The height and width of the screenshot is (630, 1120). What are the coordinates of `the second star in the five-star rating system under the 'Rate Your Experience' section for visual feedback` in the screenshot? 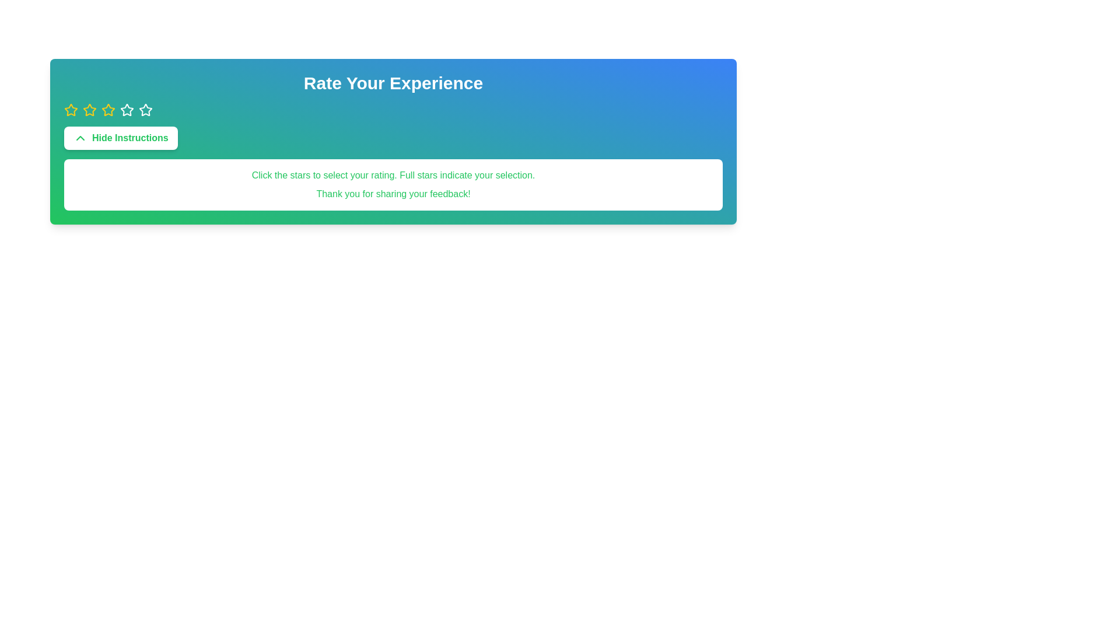 It's located at (108, 110).